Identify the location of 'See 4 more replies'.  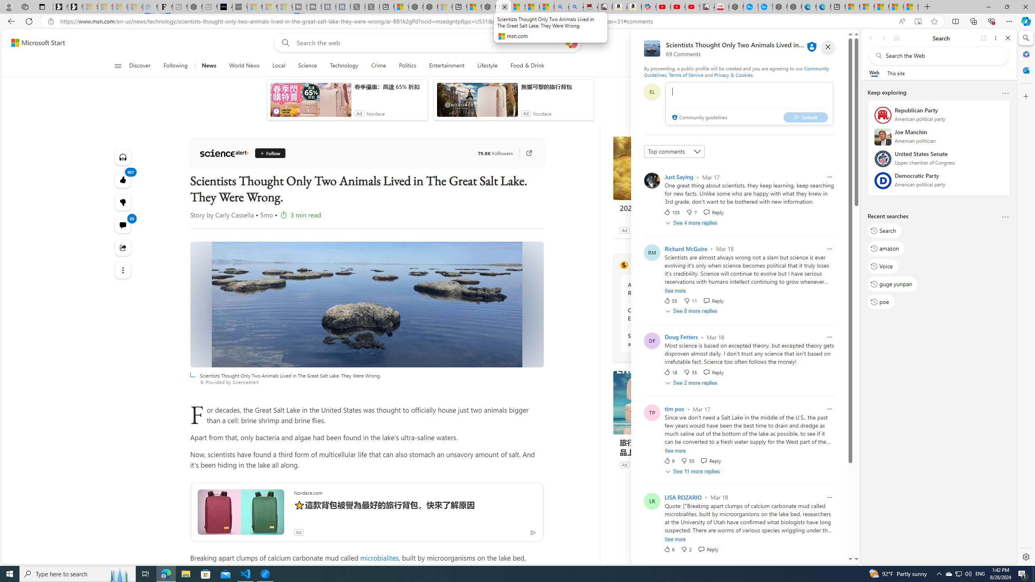
(692, 223).